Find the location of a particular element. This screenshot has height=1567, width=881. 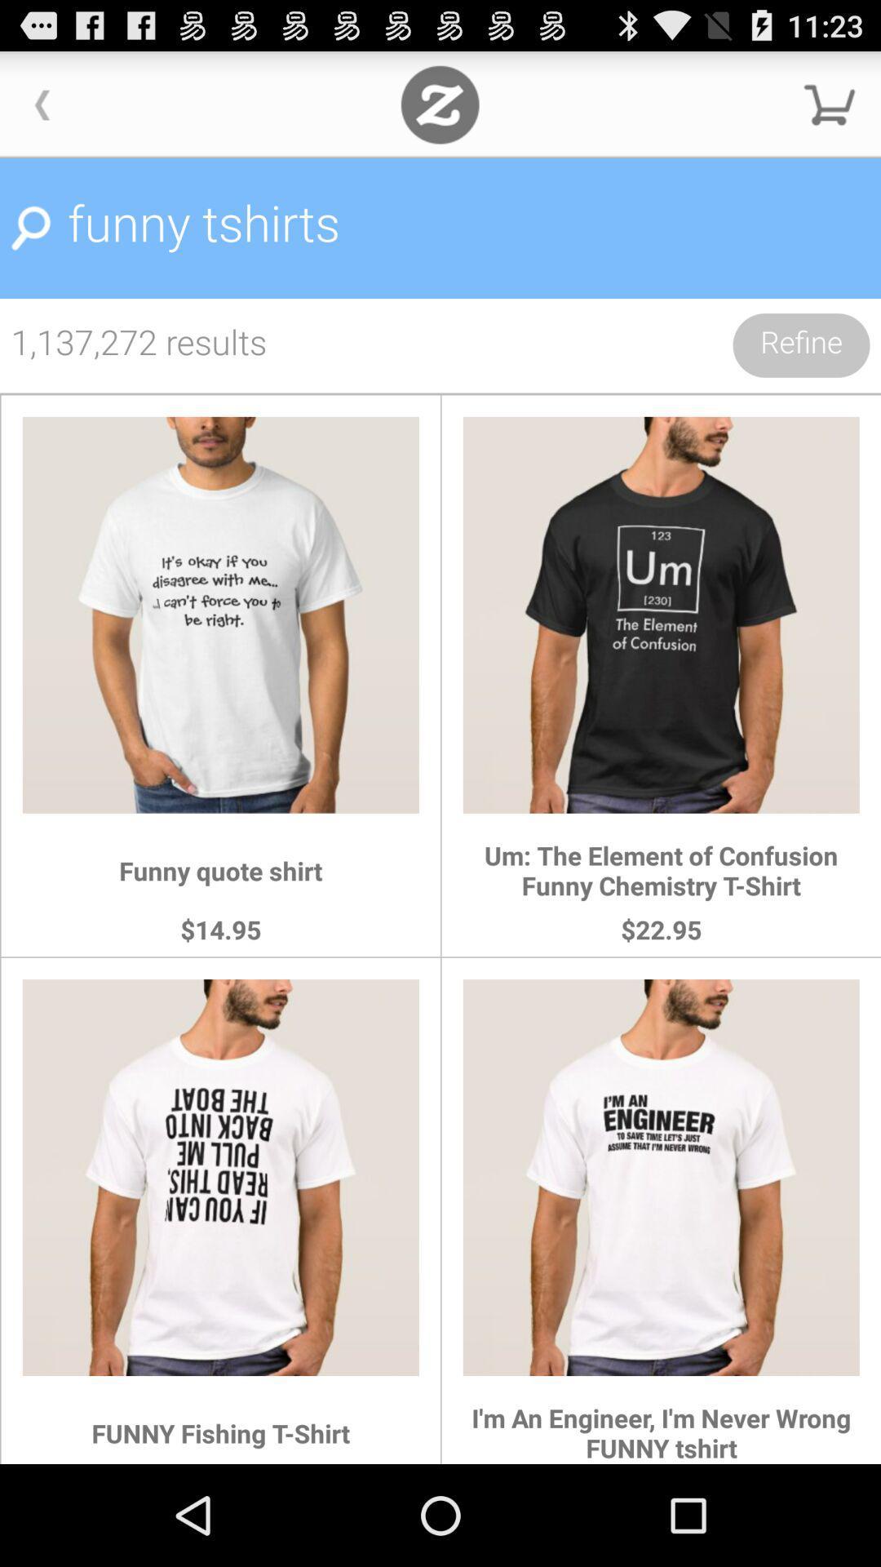

shopping cart is located at coordinates (830, 104).